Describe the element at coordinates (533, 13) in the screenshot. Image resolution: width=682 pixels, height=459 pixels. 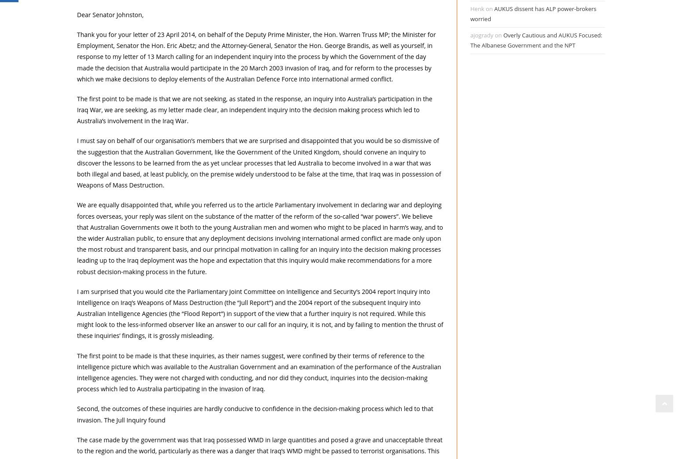
I see `'AUKUS dissent has ALP power-brokers worried'` at that location.